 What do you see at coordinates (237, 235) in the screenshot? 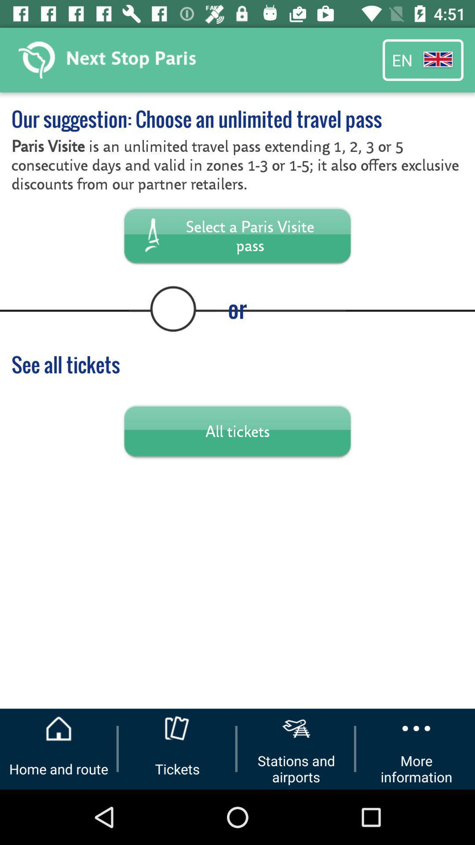
I see `the icon below paris visite is icon` at bounding box center [237, 235].